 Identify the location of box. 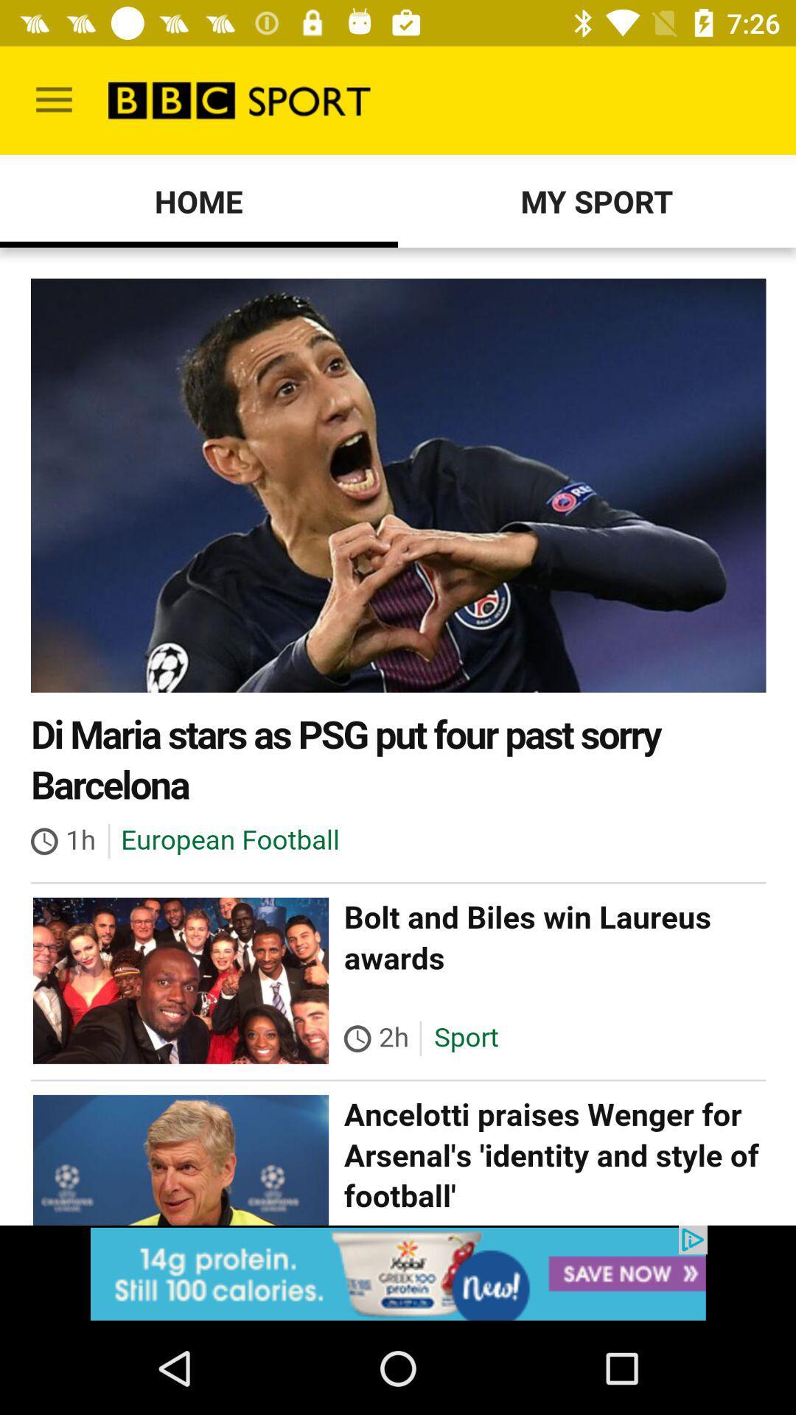
(398, 1273).